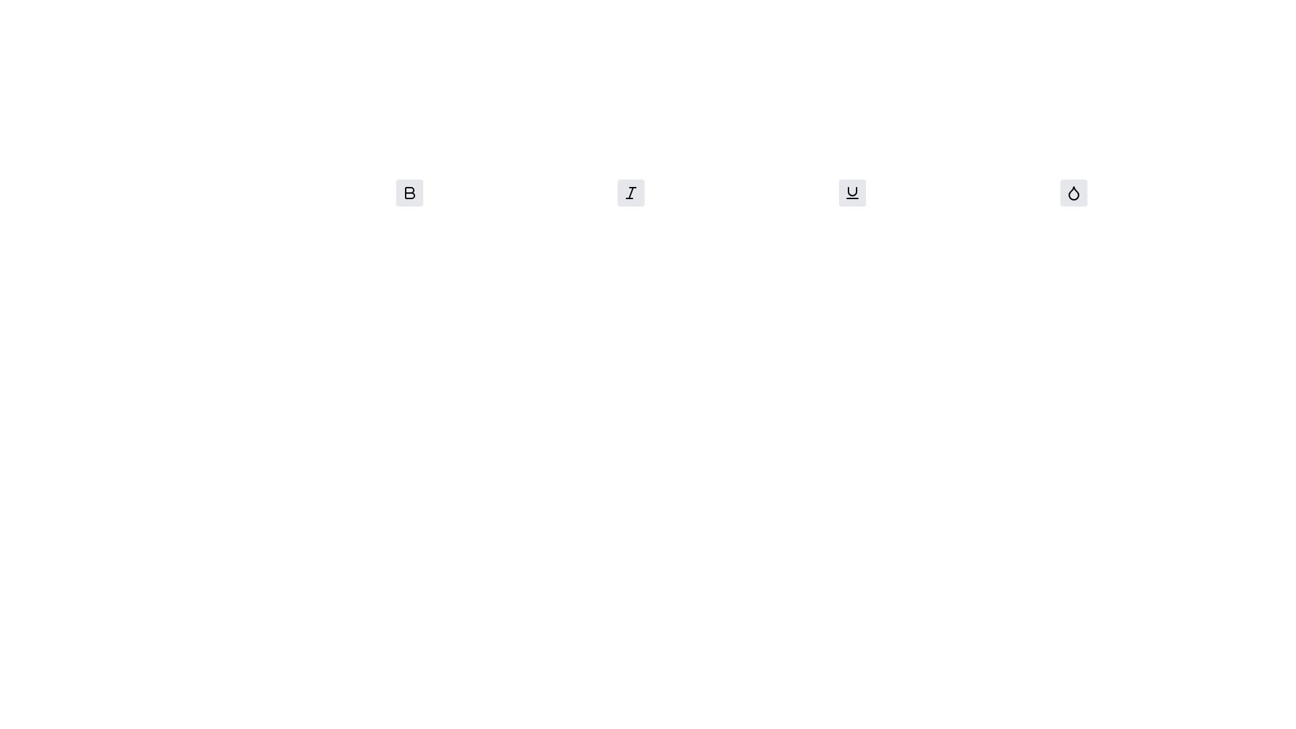  I want to click on the square button with a light gray background and a black italicized 'I' icon, so click(630, 192).